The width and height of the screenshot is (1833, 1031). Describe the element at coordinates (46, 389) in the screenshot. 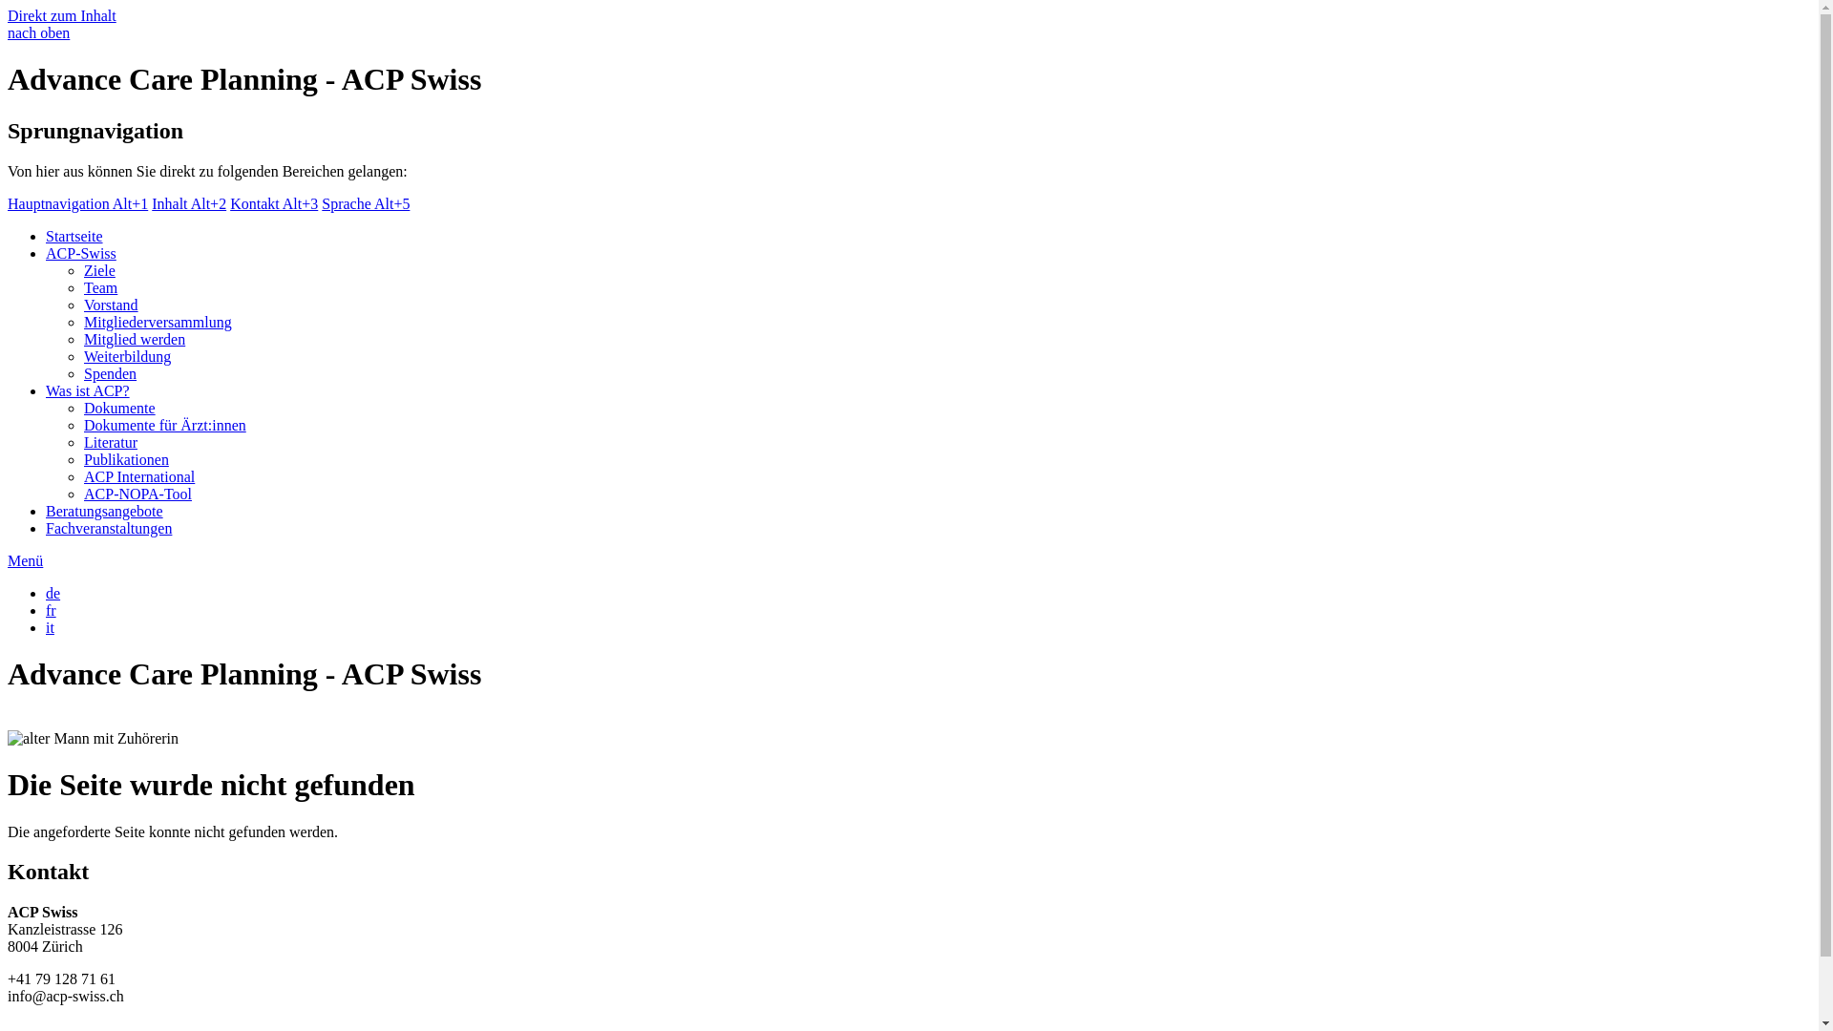

I see `'Was ist ACP?'` at that location.